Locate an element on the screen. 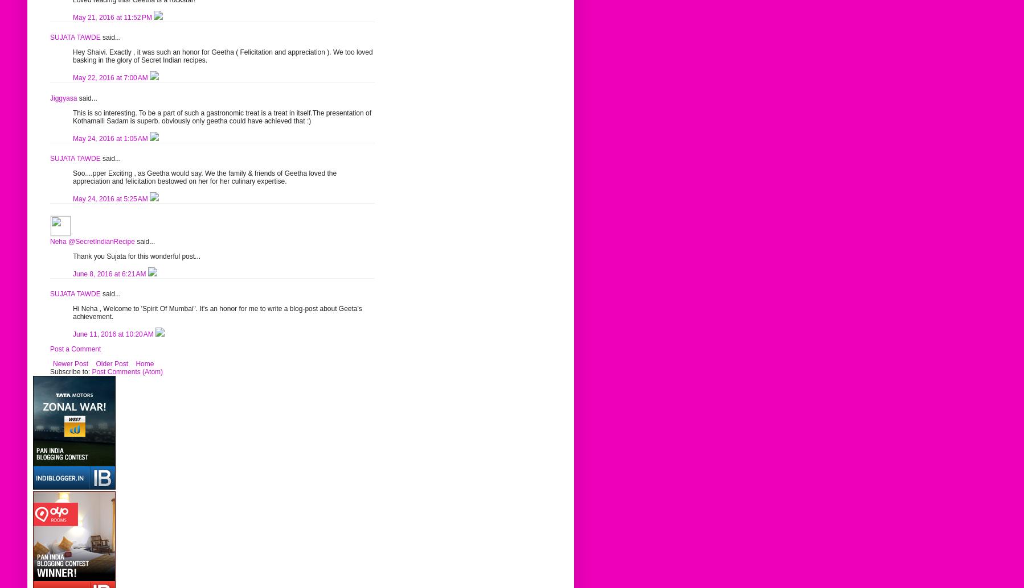 This screenshot has width=1024, height=588. 'Home' is located at coordinates (145, 364).